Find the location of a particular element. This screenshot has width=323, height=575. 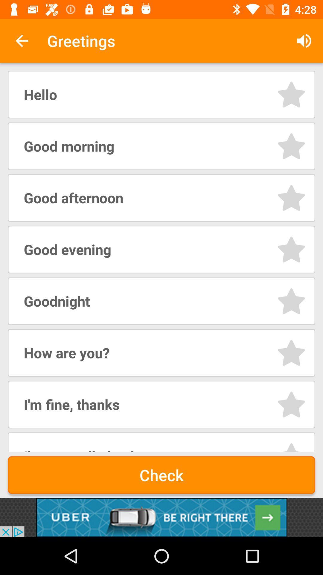

option is located at coordinates (291, 146).